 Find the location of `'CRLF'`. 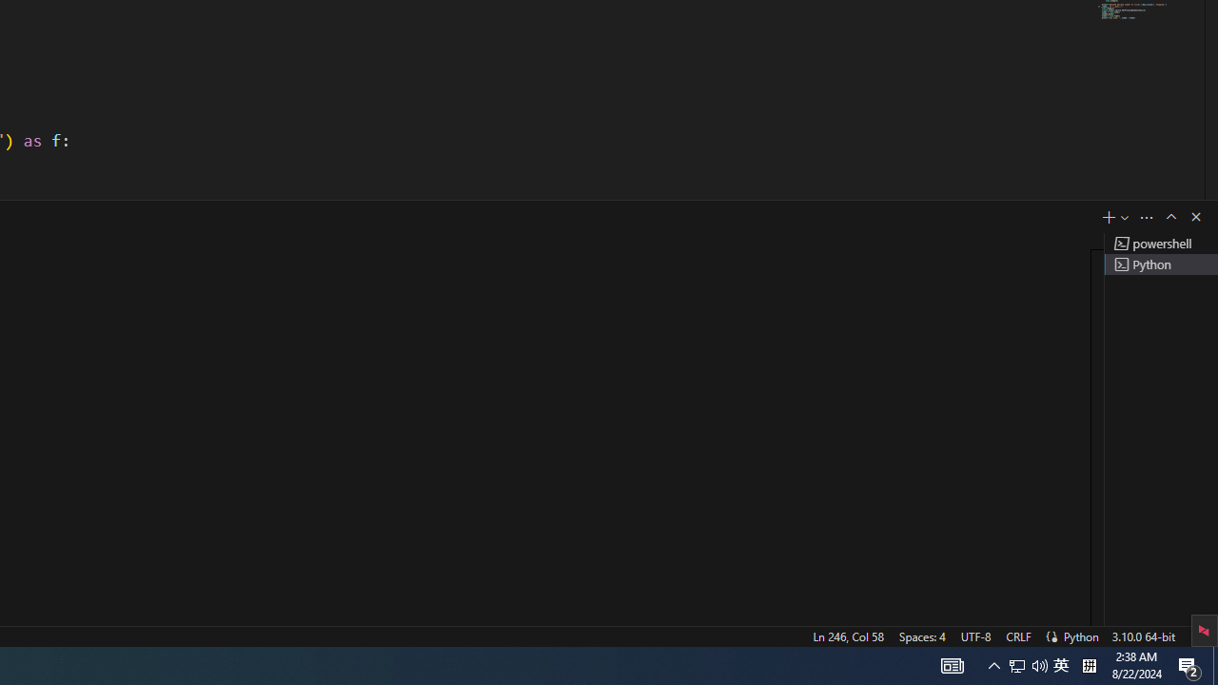

'CRLF' is located at coordinates (1017, 636).